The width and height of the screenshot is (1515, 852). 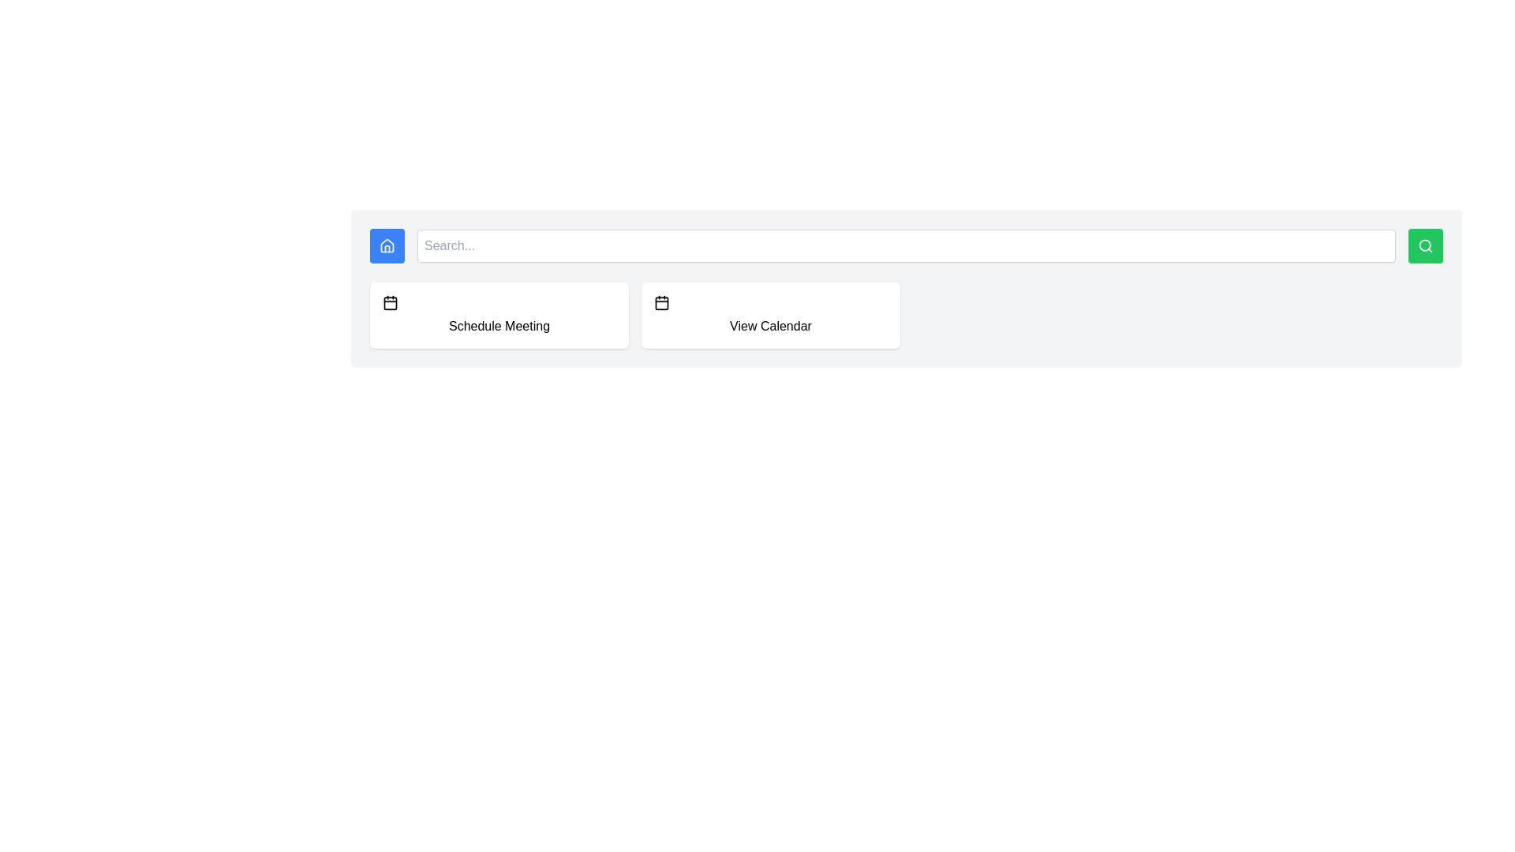 I want to click on the magnifying glass search icon located within the green button at the top-right corner of the user interface to initiate a search, so click(x=1425, y=246).